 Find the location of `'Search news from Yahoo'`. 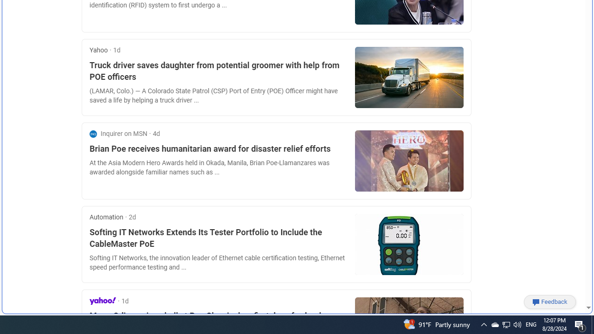

'Search news from Yahoo' is located at coordinates (103, 301).